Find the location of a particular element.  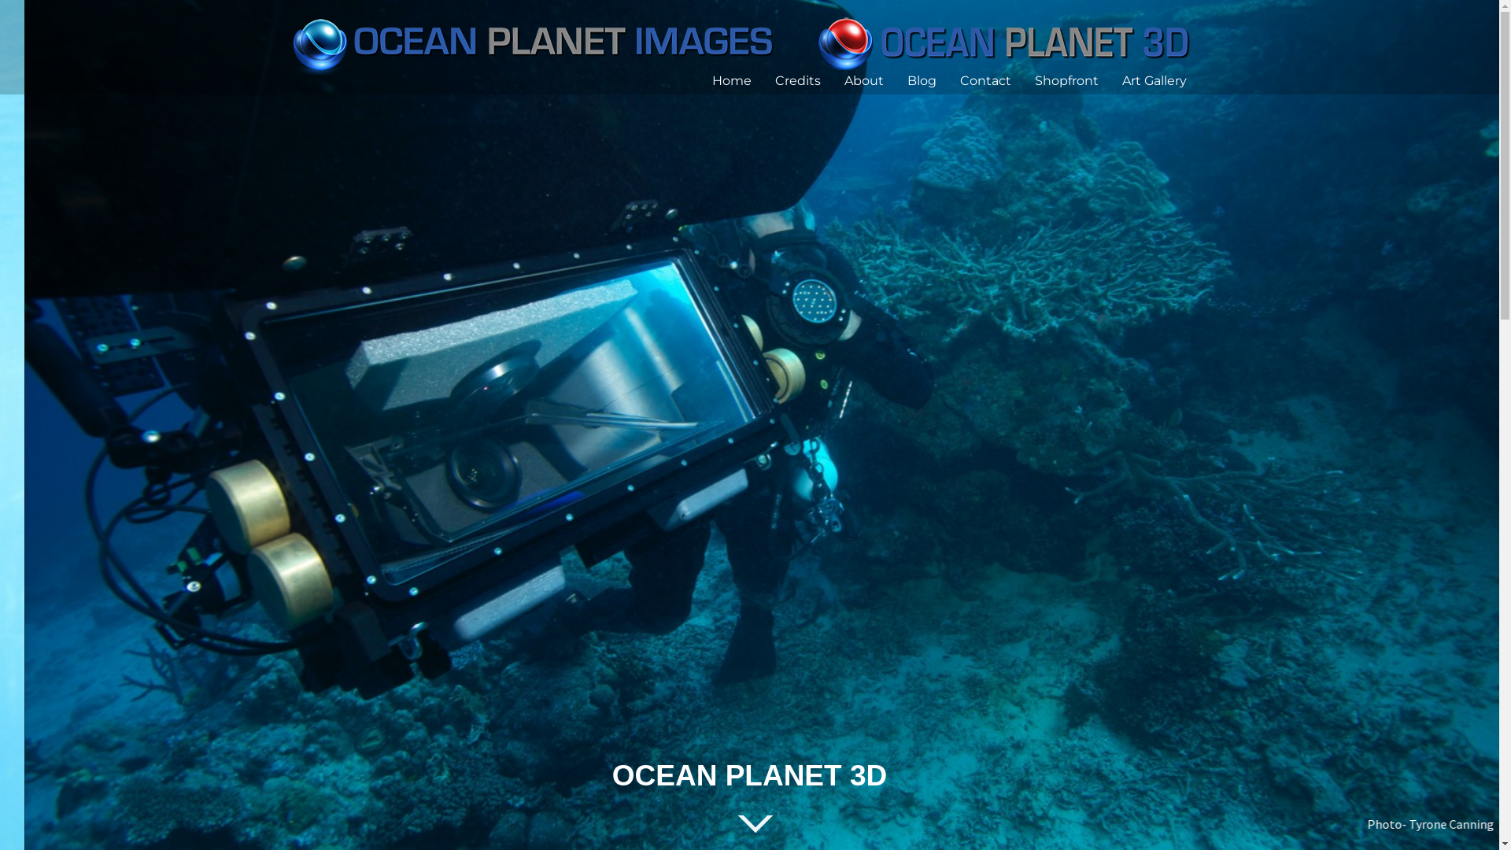

'Shopfront' is located at coordinates (1066, 79).